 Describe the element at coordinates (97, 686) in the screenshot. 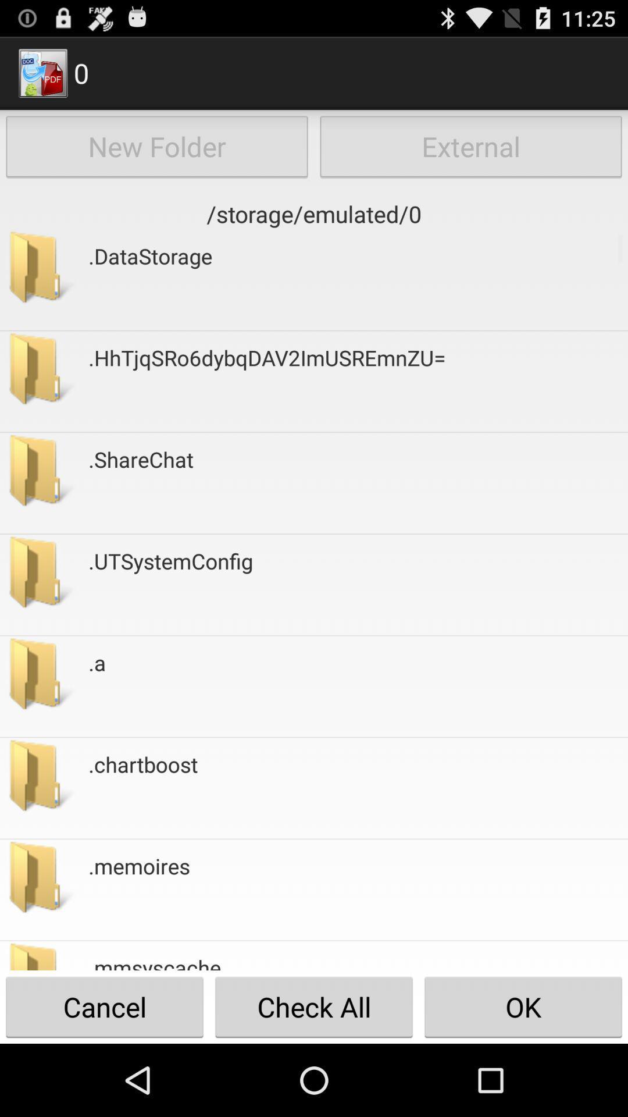

I see `.a` at that location.